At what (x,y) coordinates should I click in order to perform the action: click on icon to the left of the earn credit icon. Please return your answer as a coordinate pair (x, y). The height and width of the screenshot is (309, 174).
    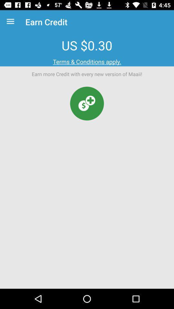
    Looking at the image, I should click on (12, 22).